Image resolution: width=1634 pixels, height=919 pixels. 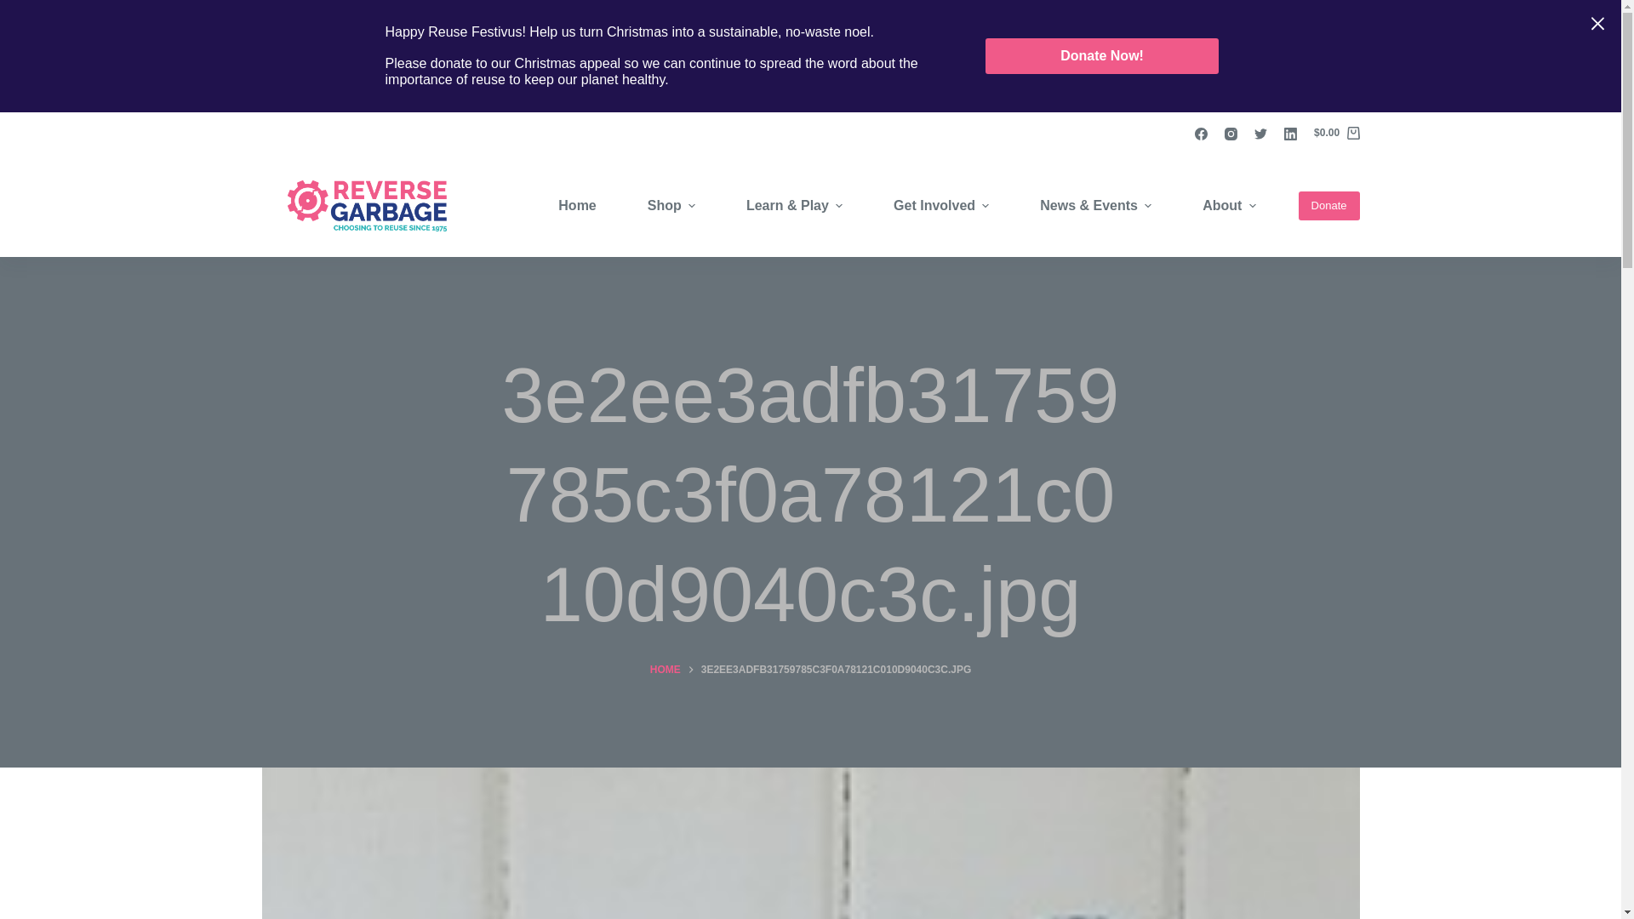 What do you see at coordinates (720, 205) in the screenshot?
I see `'Learn & Play'` at bounding box center [720, 205].